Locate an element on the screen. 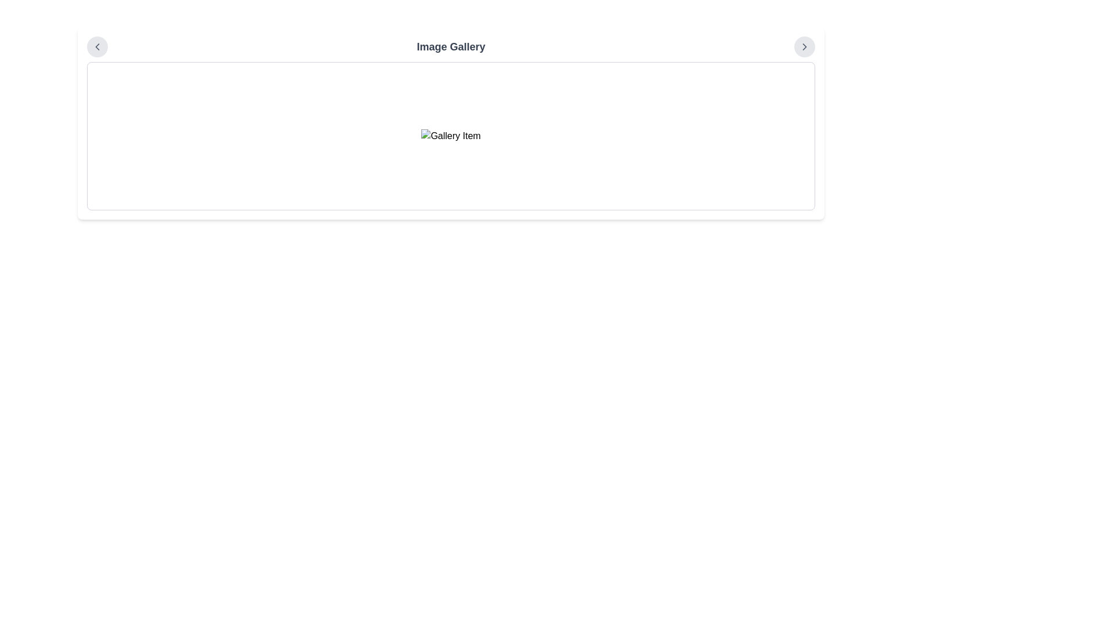 The width and height of the screenshot is (1114, 626). the header text label, which indicates the title of the image gallery is located at coordinates (450, 46).